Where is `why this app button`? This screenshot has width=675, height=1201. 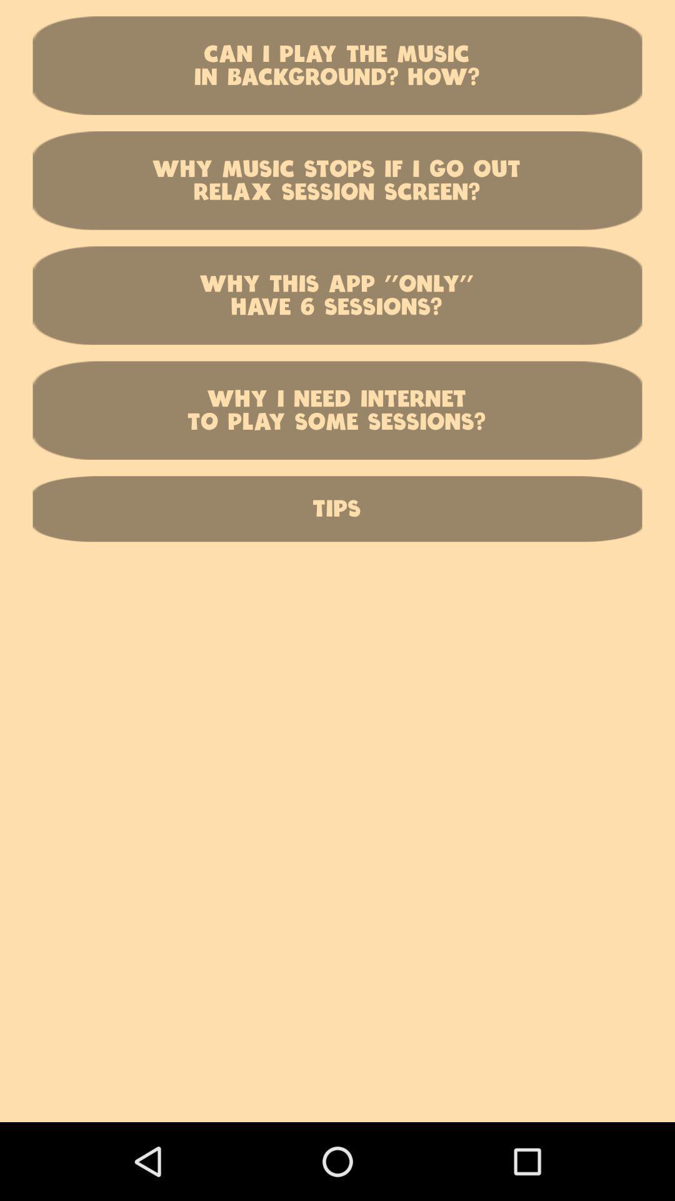
why this app button is located at coordinates (337, 295).